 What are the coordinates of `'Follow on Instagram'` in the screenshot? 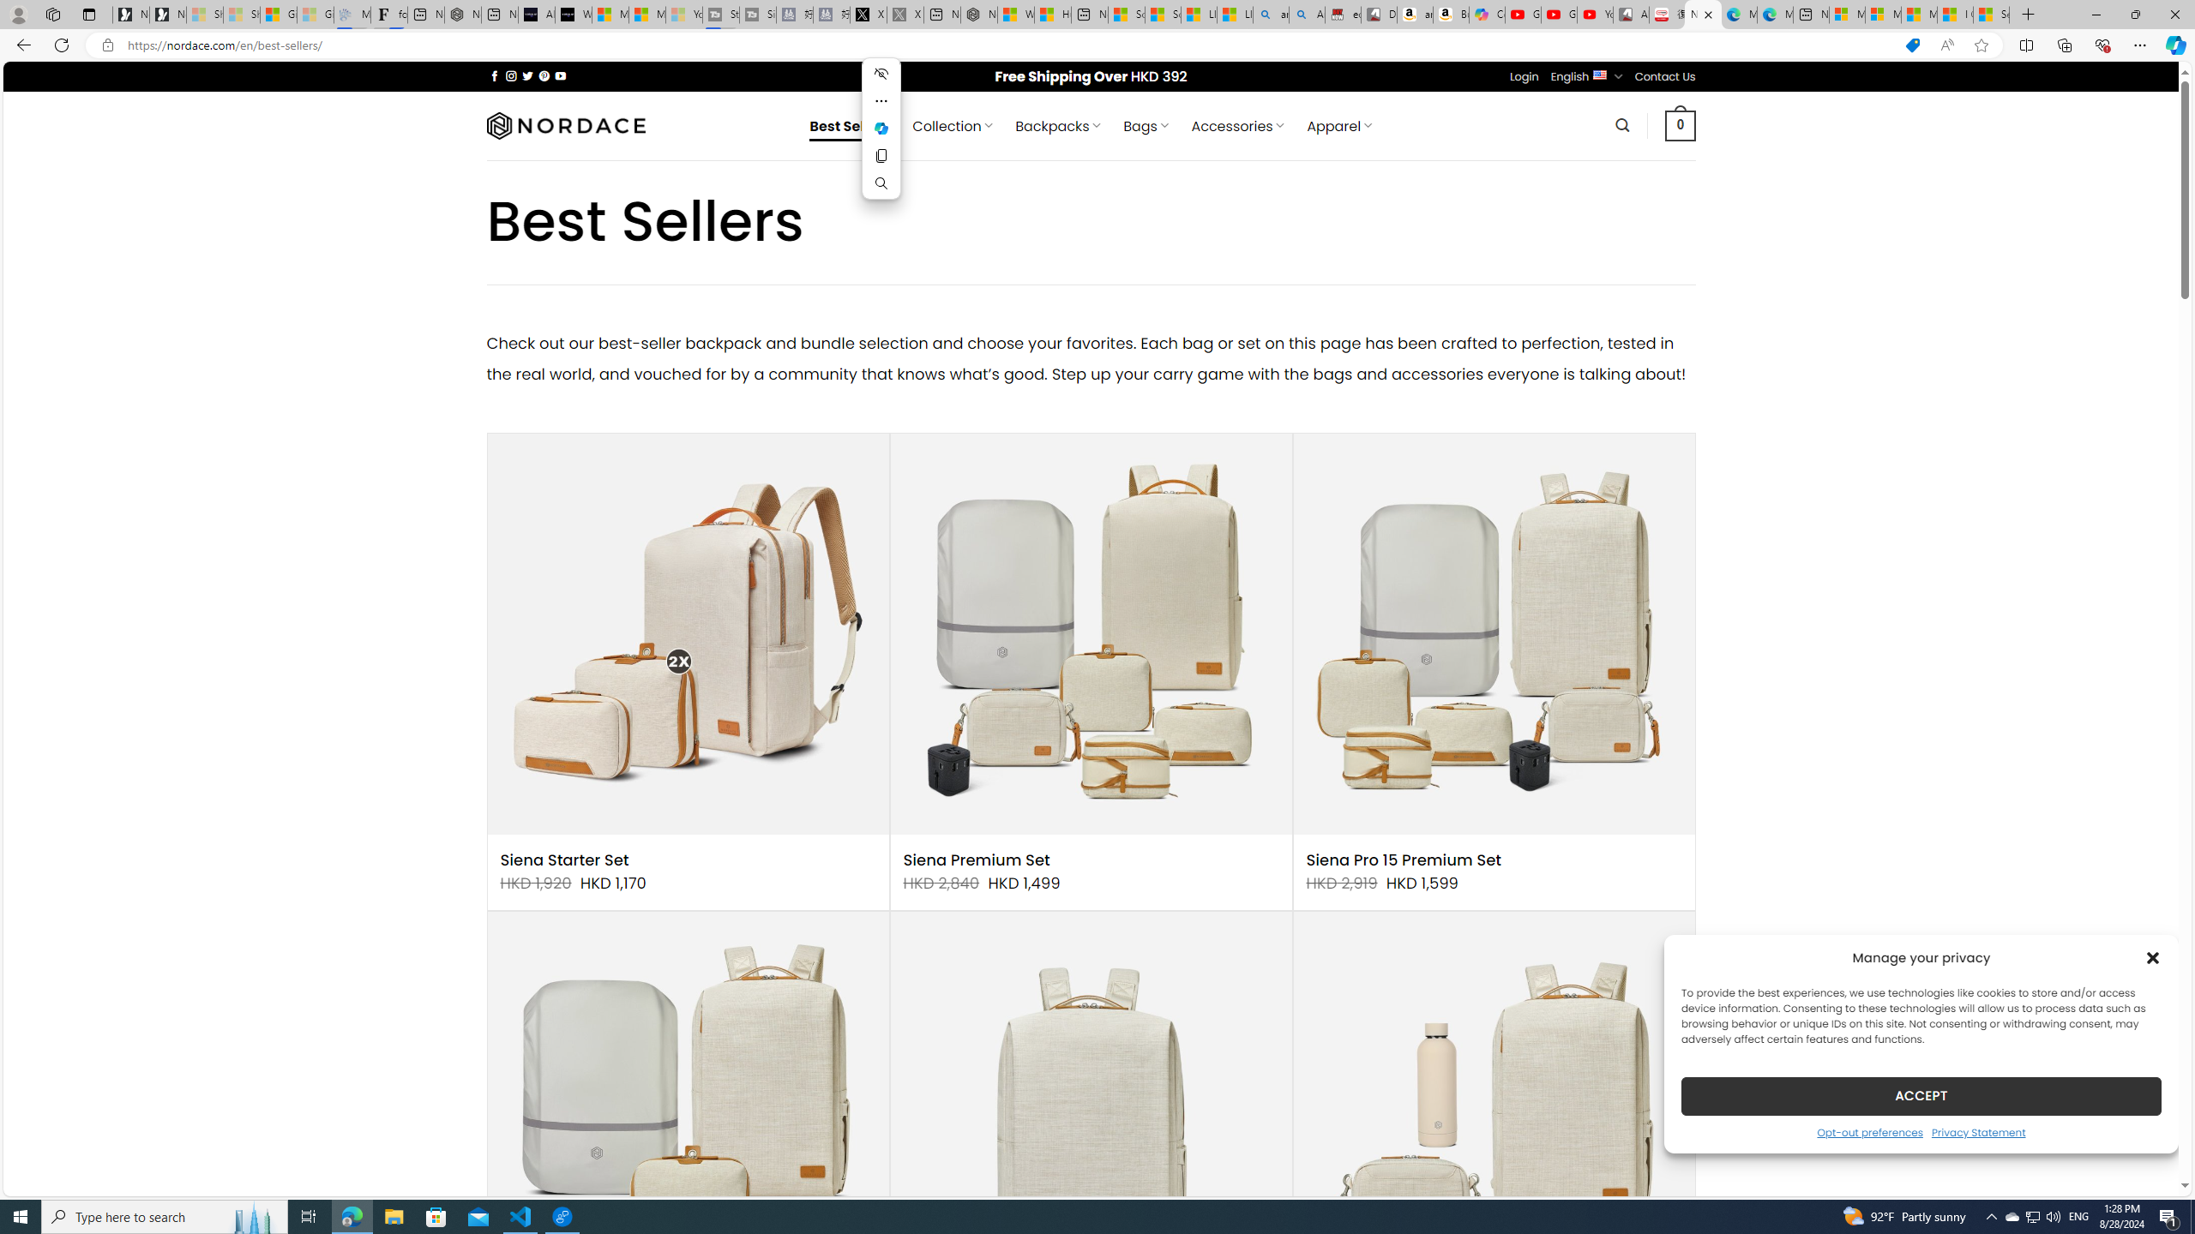 It's located at (510, 75).